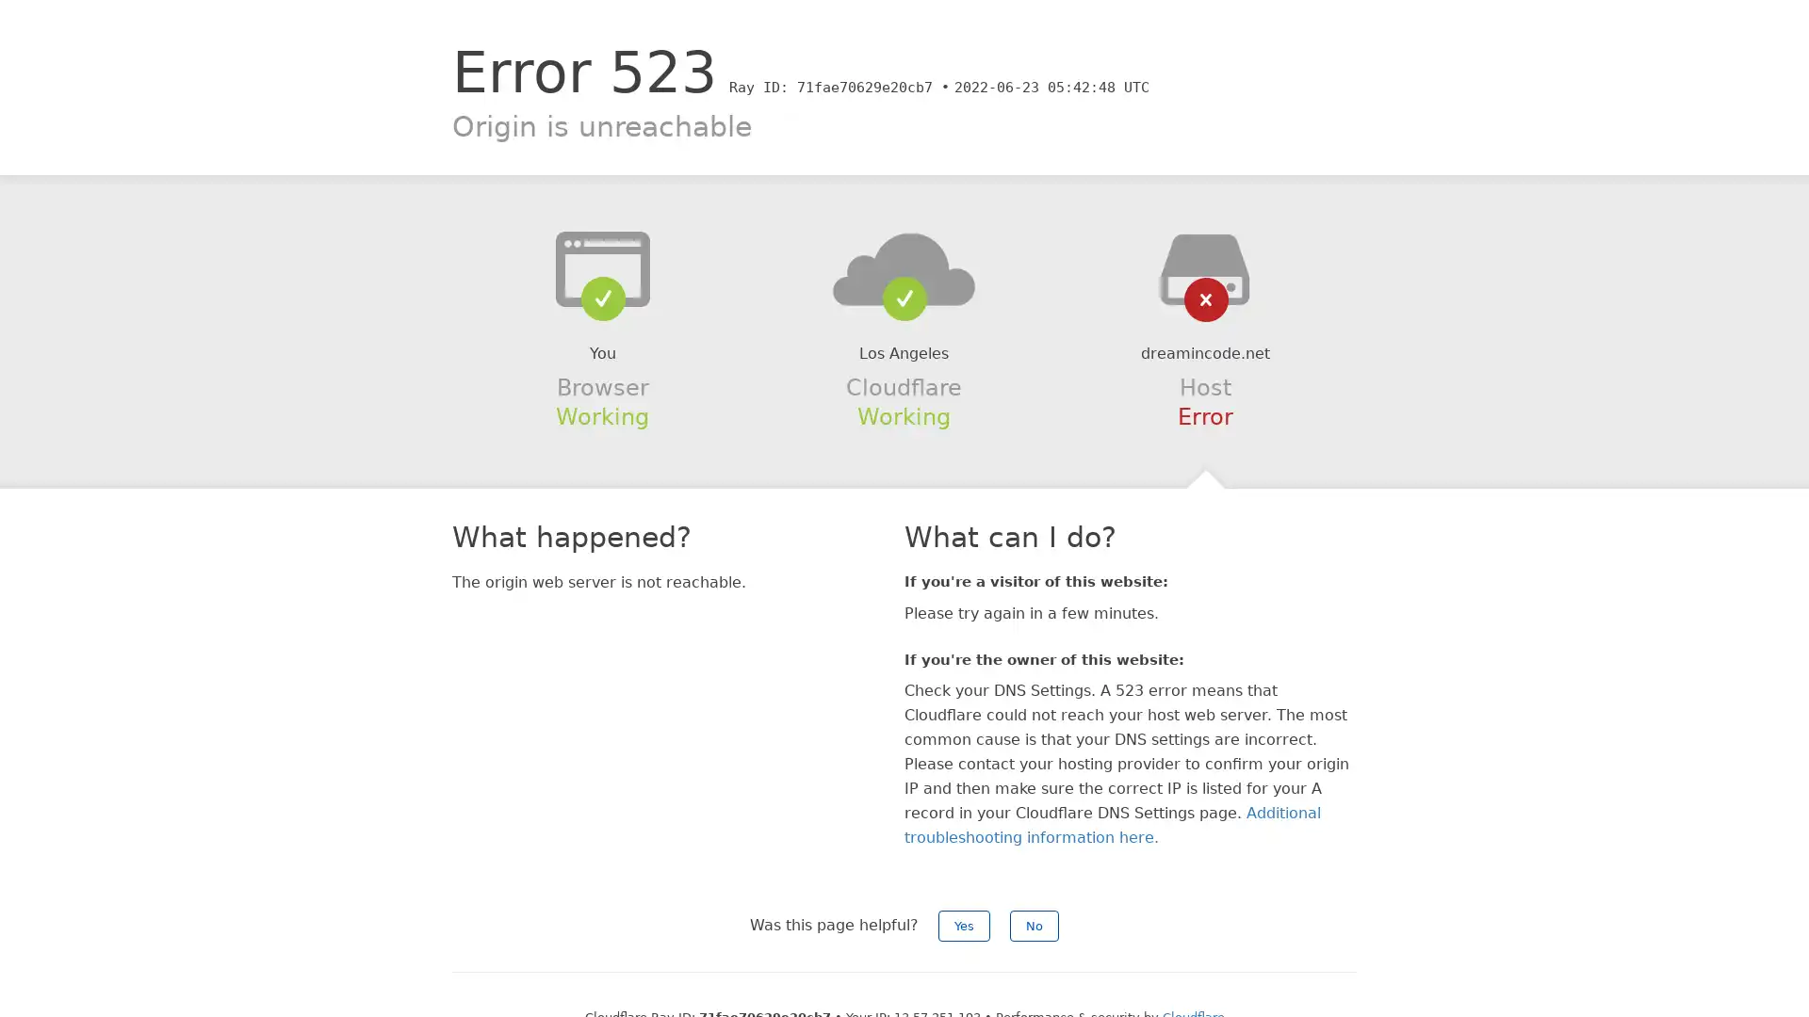 This screenshot has height=1017, width=1809. What do you see at coordinates (1034, 925) in the screenshot?
I see `No` at bounding box center [1034, 925].